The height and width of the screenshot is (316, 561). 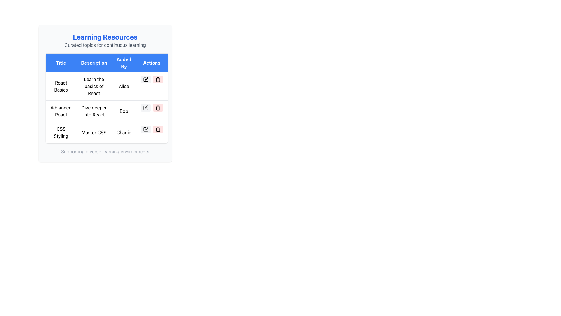 I want to click on the text label displaying 'Alice' located in the 'Added By' column of the 'Learning Resources' table for the 'React Basics' topic, so click(x=124, y=86).